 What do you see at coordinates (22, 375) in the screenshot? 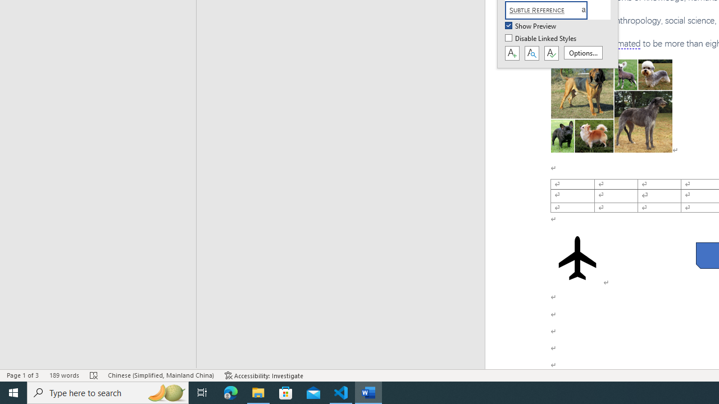
I see `'Page Number Page 1 of 3'` at bounding box center [22, 375].